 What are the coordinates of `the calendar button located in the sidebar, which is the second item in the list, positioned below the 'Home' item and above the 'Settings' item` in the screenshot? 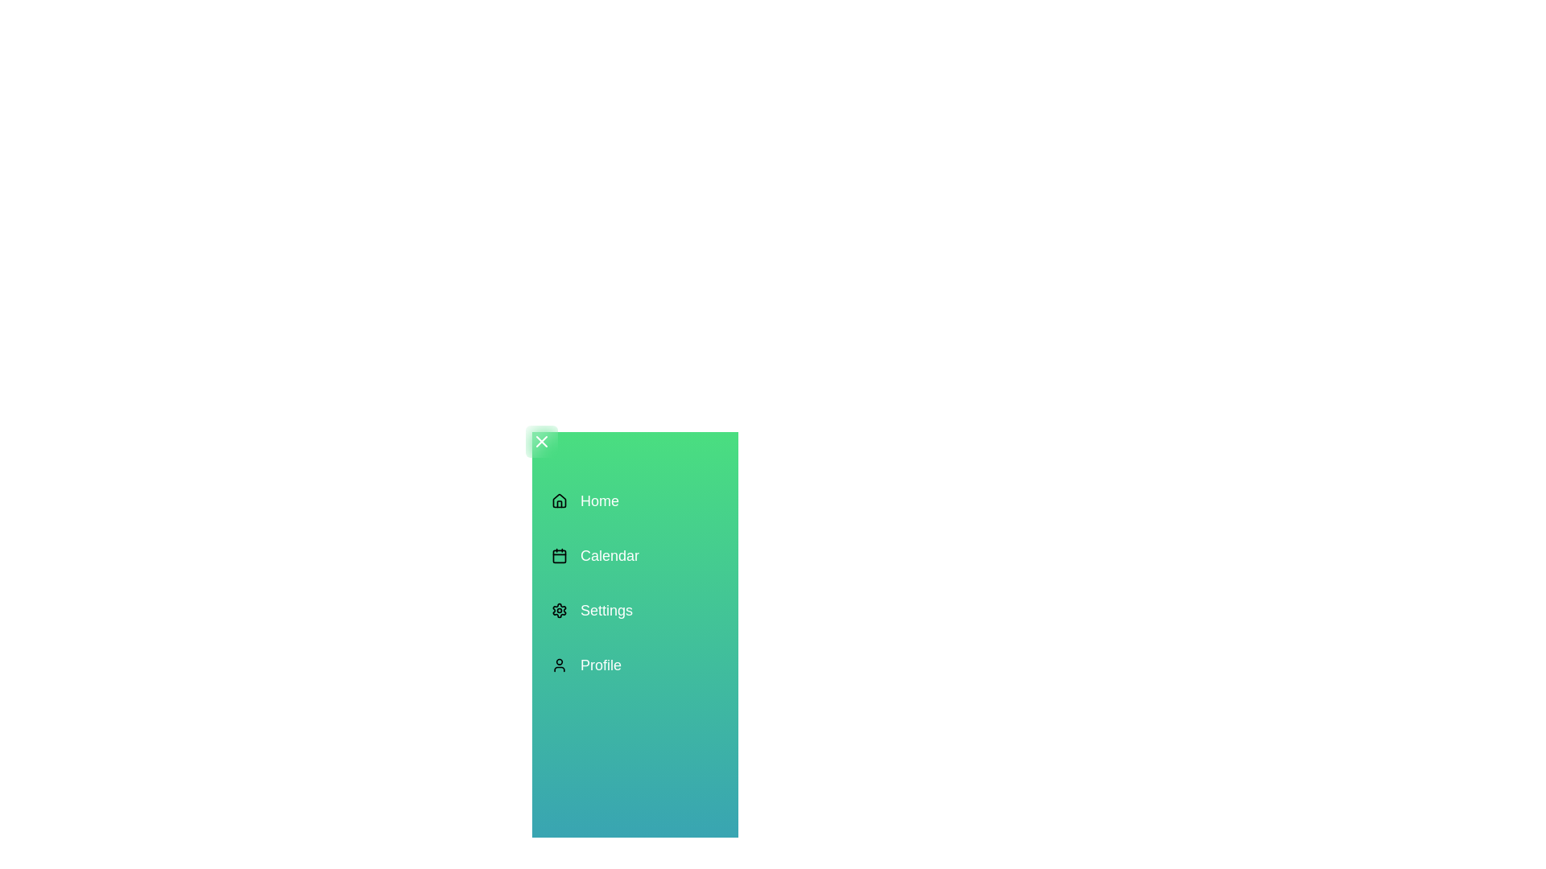 It's located at (594, 554).